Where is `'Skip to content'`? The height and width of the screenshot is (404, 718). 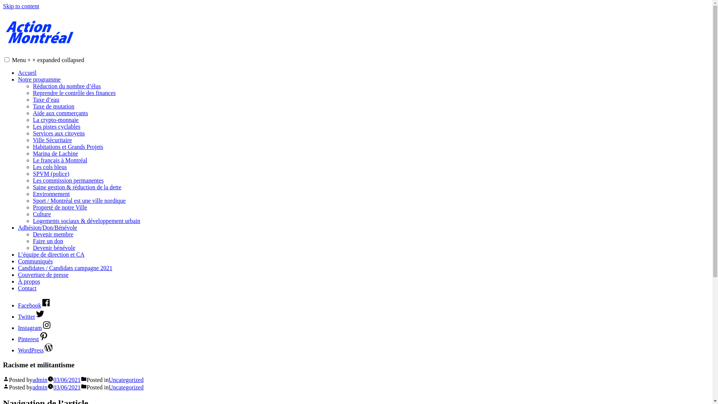
'Skip to content' is located at coordinates (3, 6).